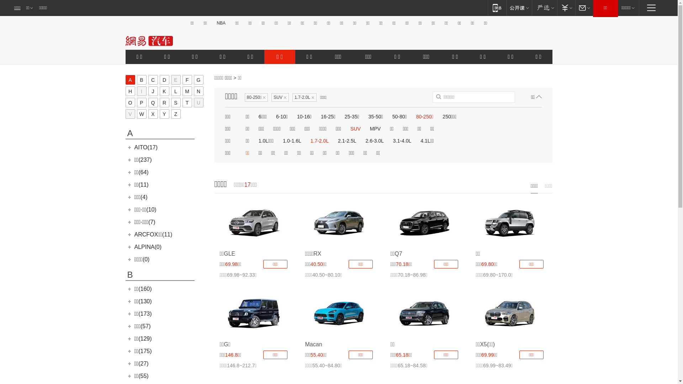 Image resolution: width=683 pixels, height=384 pixels. What do you see at coordinates (152, 91) in the screenshot?
I see `'J'` at bounding box center [152, 91].